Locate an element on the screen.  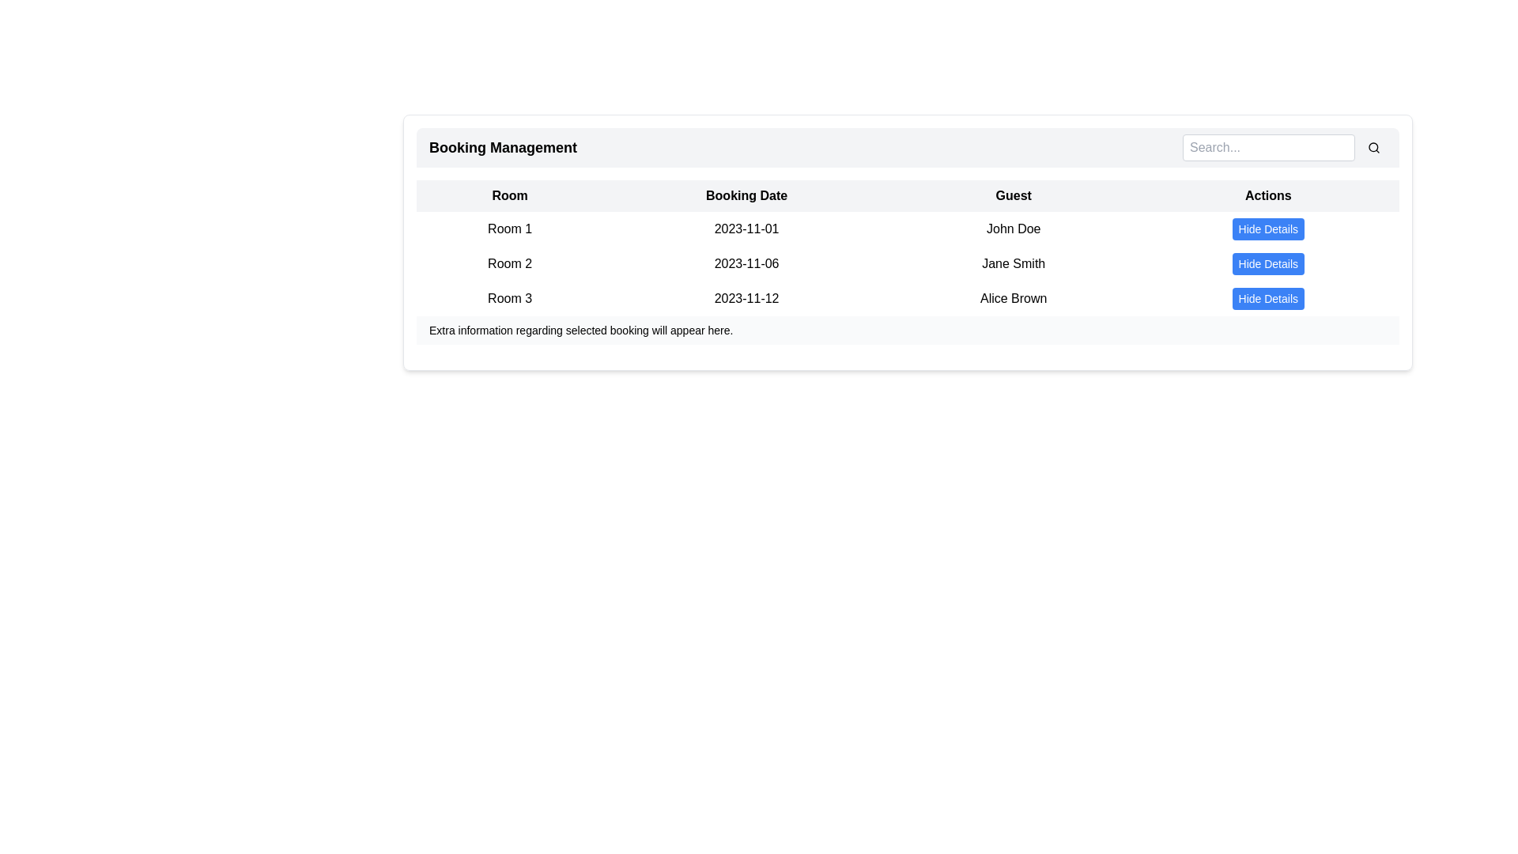
the text label 'Jane Smith' located in the 'Guest' column of the second row of the table is located at coordinates (1014, 263).